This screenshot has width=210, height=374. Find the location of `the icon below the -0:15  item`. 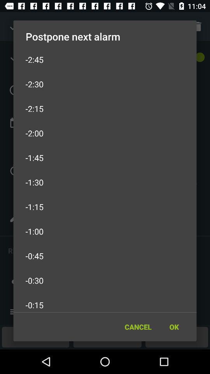

the icon below the -0:15  item is located at coordinates (174, 327).